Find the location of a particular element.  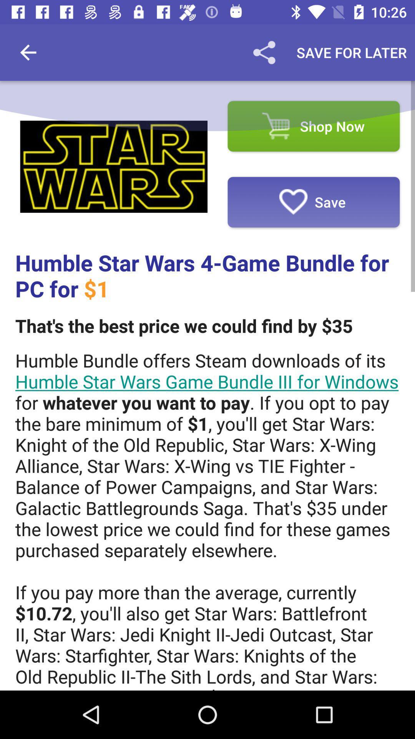

item above save icon is located at coordinates (314, 126).